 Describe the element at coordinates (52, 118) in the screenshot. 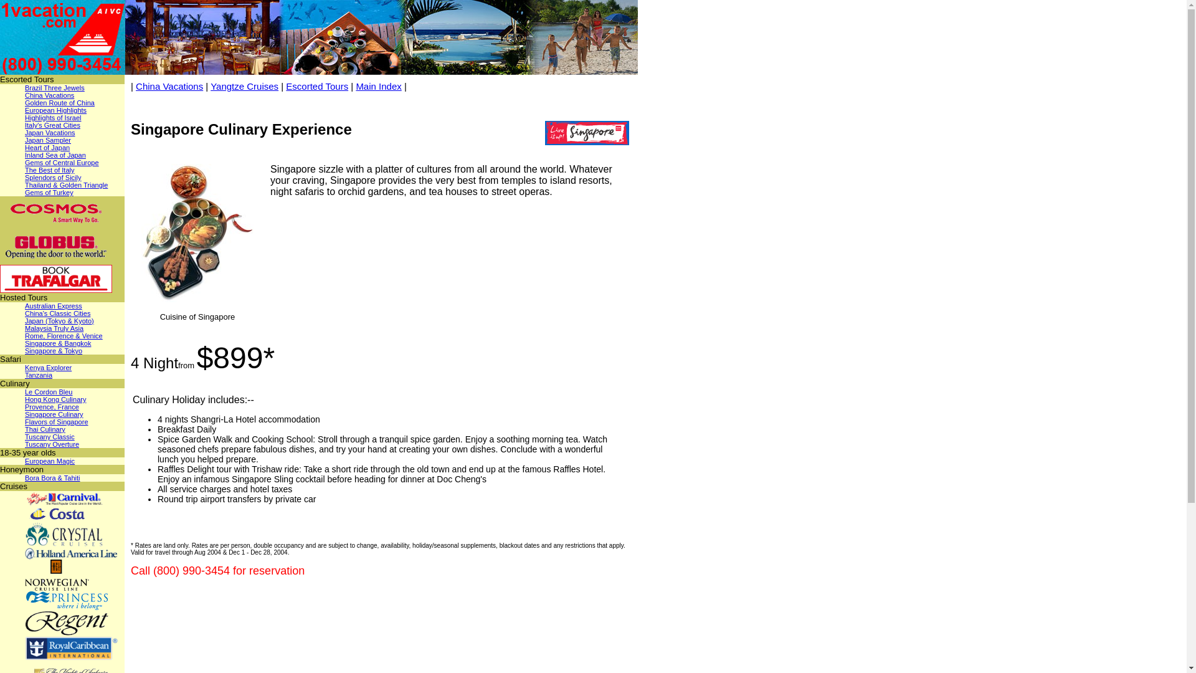

I see `'Highlights of Israel'` at that location.